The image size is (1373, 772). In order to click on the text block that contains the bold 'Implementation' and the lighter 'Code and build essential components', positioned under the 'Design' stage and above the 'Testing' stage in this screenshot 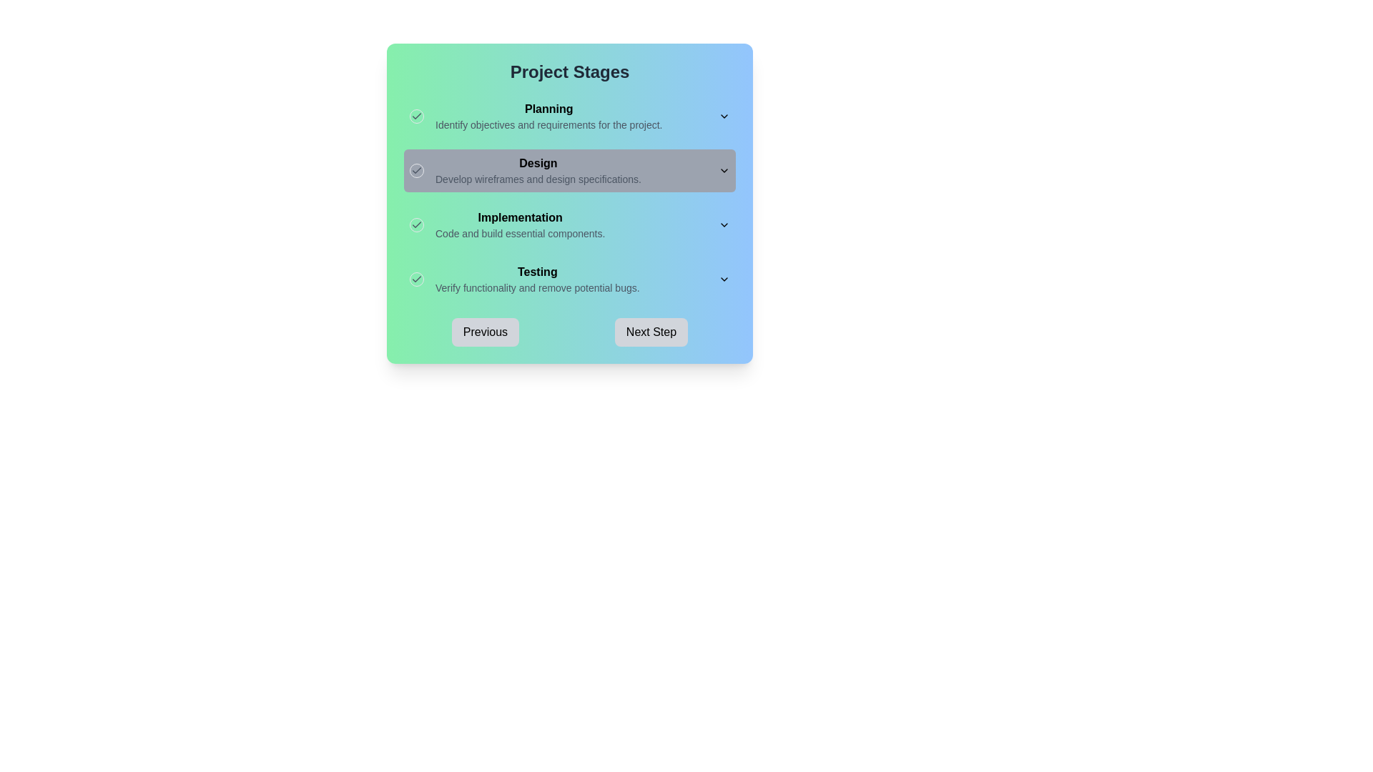, I will do `click(519, 225)`.